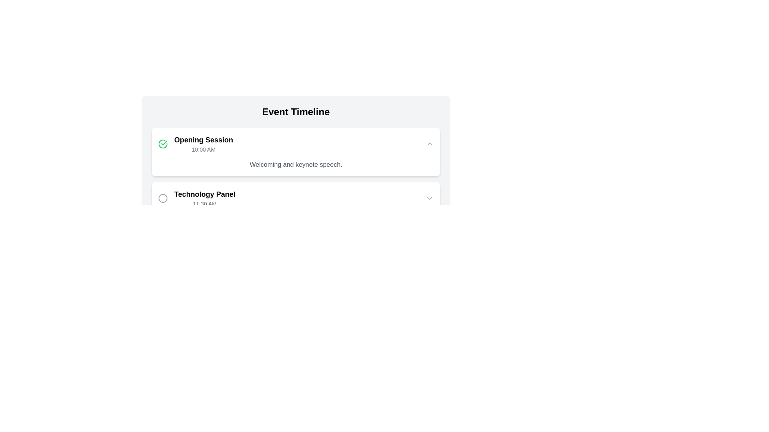 Image resolution: width=769 pixels, height=432 pixels. Describe the element at coordinates (429, 198) in the screenshot. I see `the small gray downward-facing chevron icon located at the right end of the 'Technology Panel' entry` at that location.